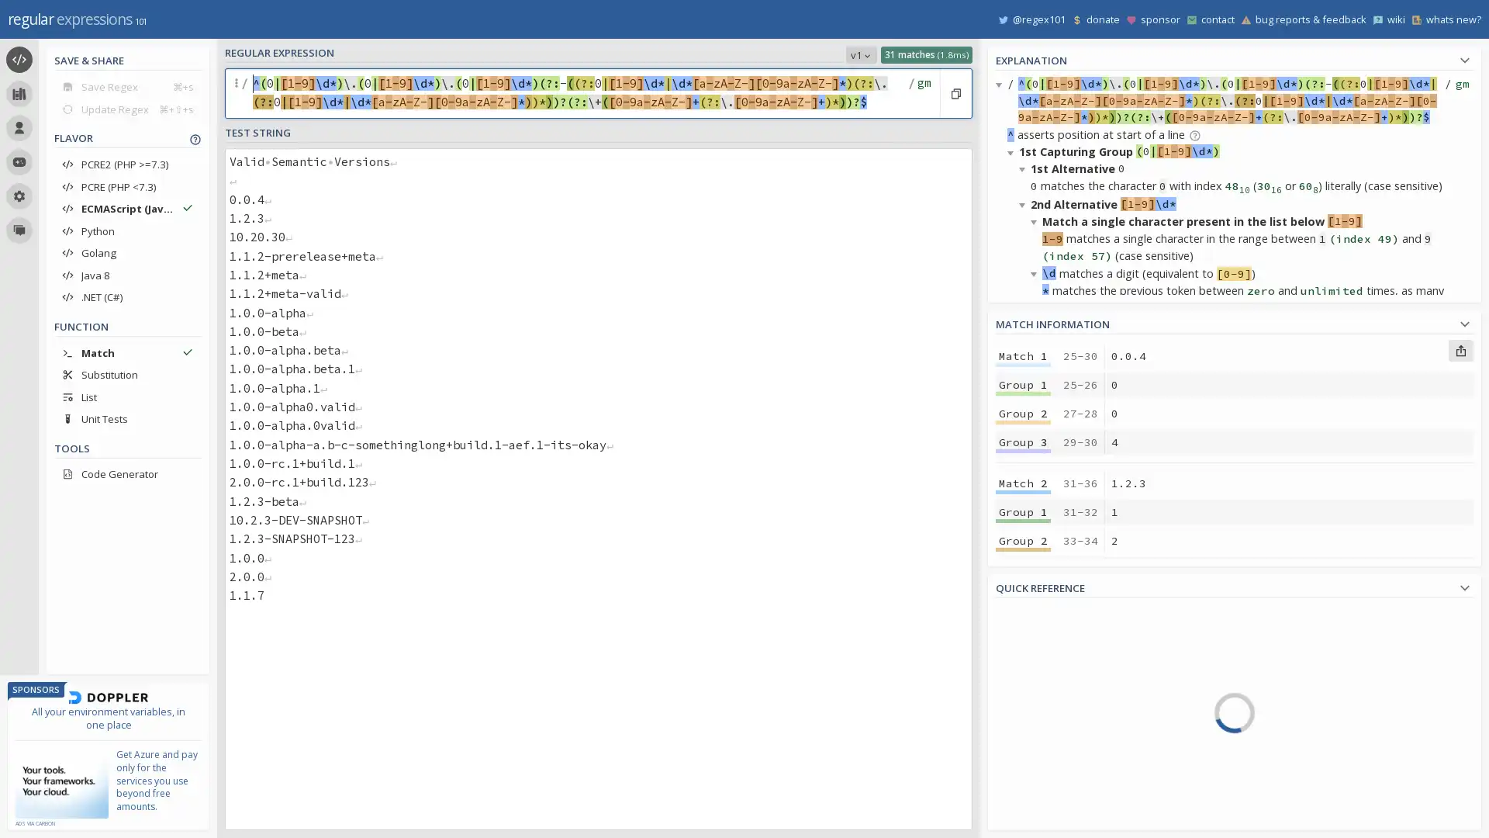  Describe the element at coordinates (1036, 413) in the screenshot. I see `Collapse Subtree` at that location.